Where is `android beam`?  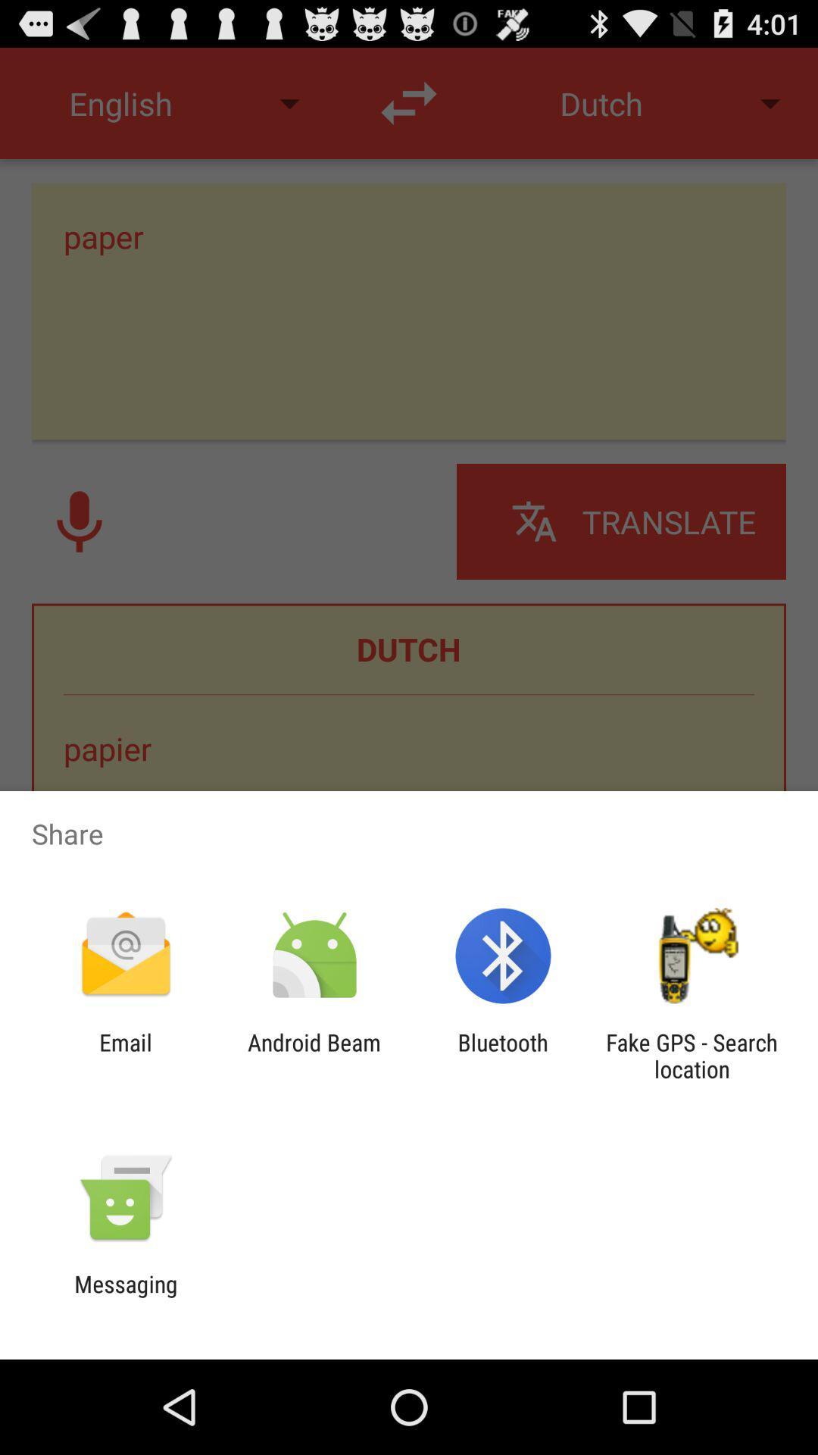 android beam is located at coordinates (314, 1055).